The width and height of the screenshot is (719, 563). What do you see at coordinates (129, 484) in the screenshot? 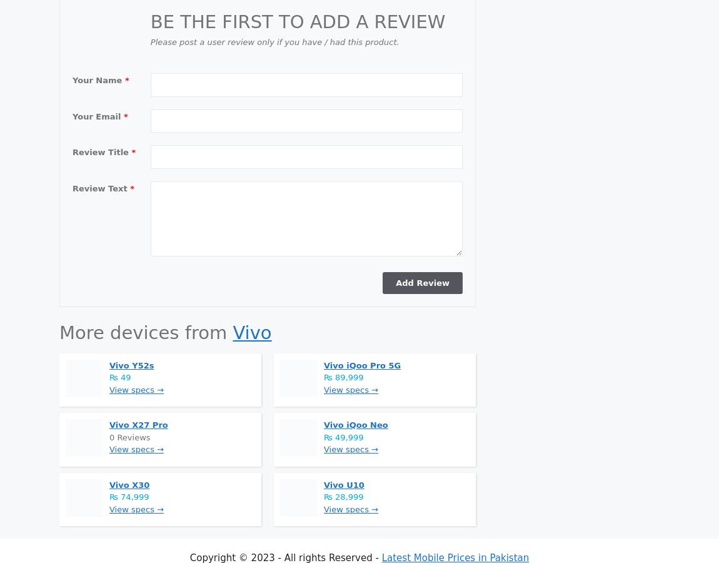
I see `'Vivo X30'` at bounding box center [129, 484].